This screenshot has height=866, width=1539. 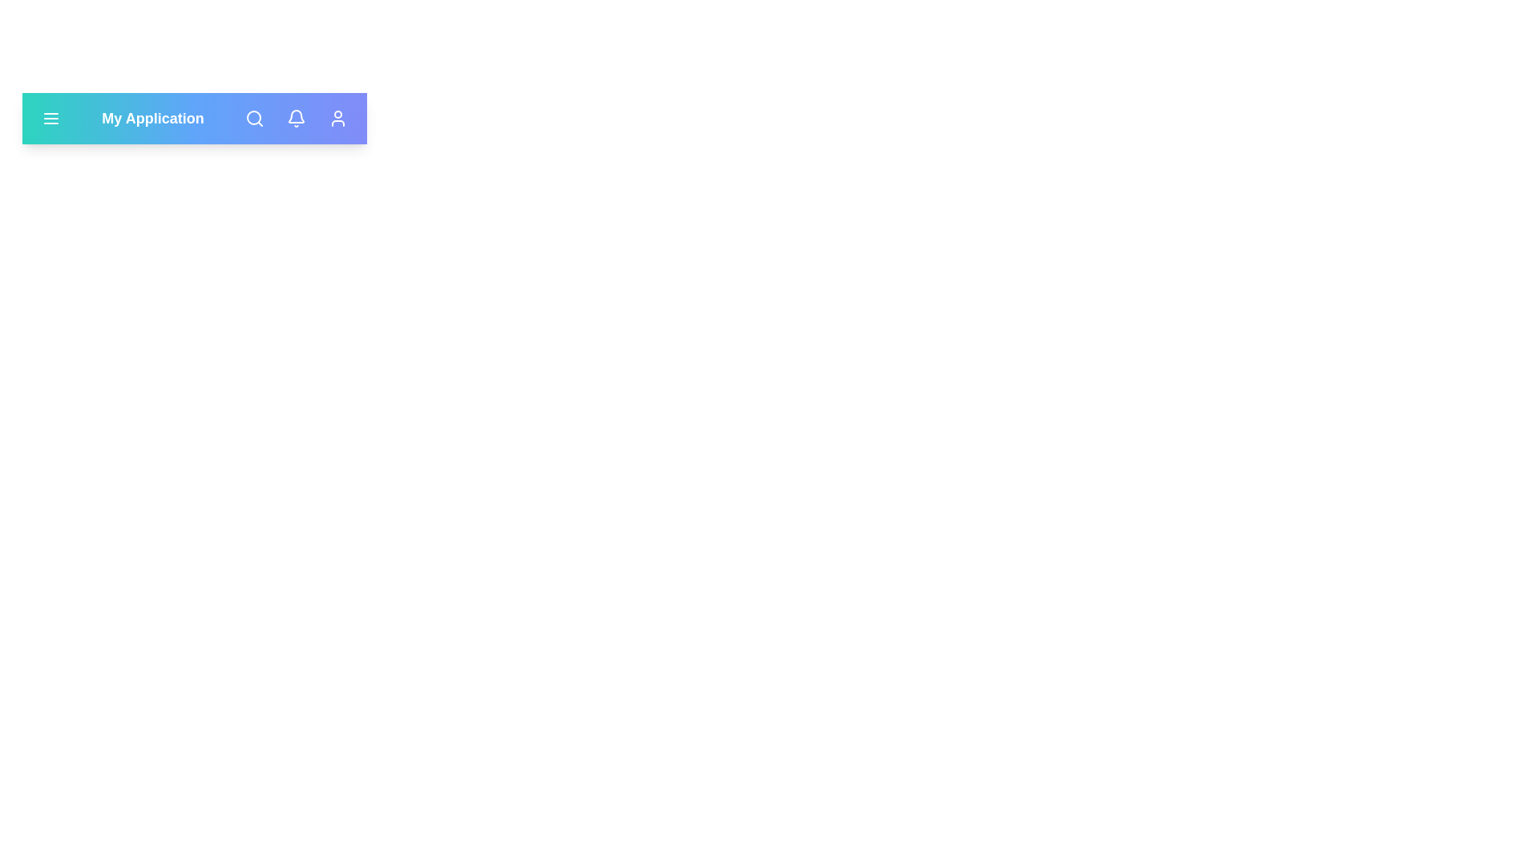 I want to click on the notification button, so click(x=296, y=117).